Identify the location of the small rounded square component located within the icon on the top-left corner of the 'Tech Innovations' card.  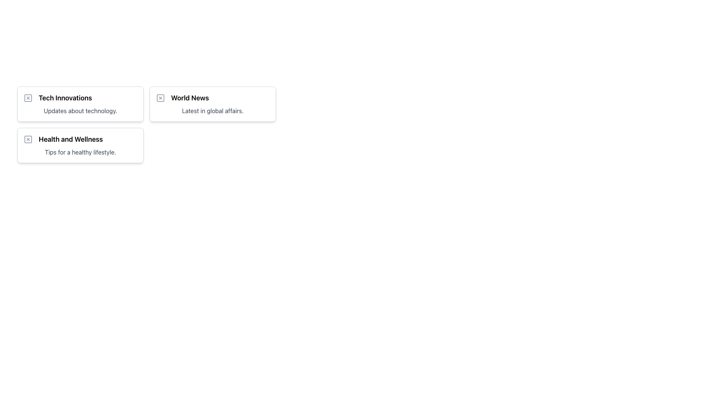
(28, 98).